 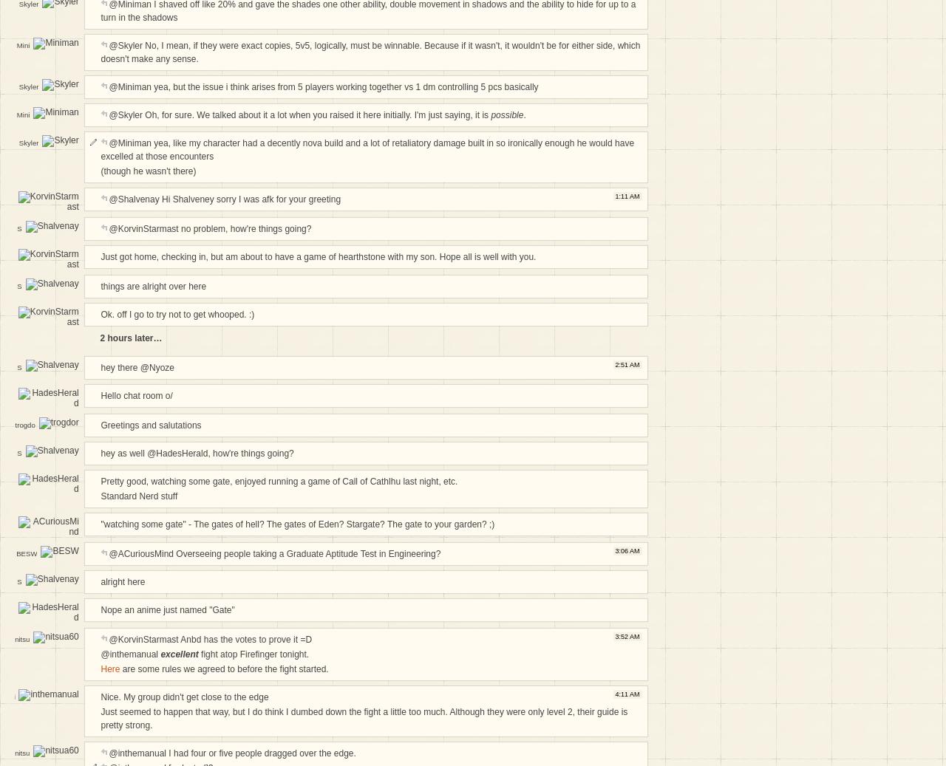 I want to click on 'Hello chat room o/', so click(x=136, y=394).